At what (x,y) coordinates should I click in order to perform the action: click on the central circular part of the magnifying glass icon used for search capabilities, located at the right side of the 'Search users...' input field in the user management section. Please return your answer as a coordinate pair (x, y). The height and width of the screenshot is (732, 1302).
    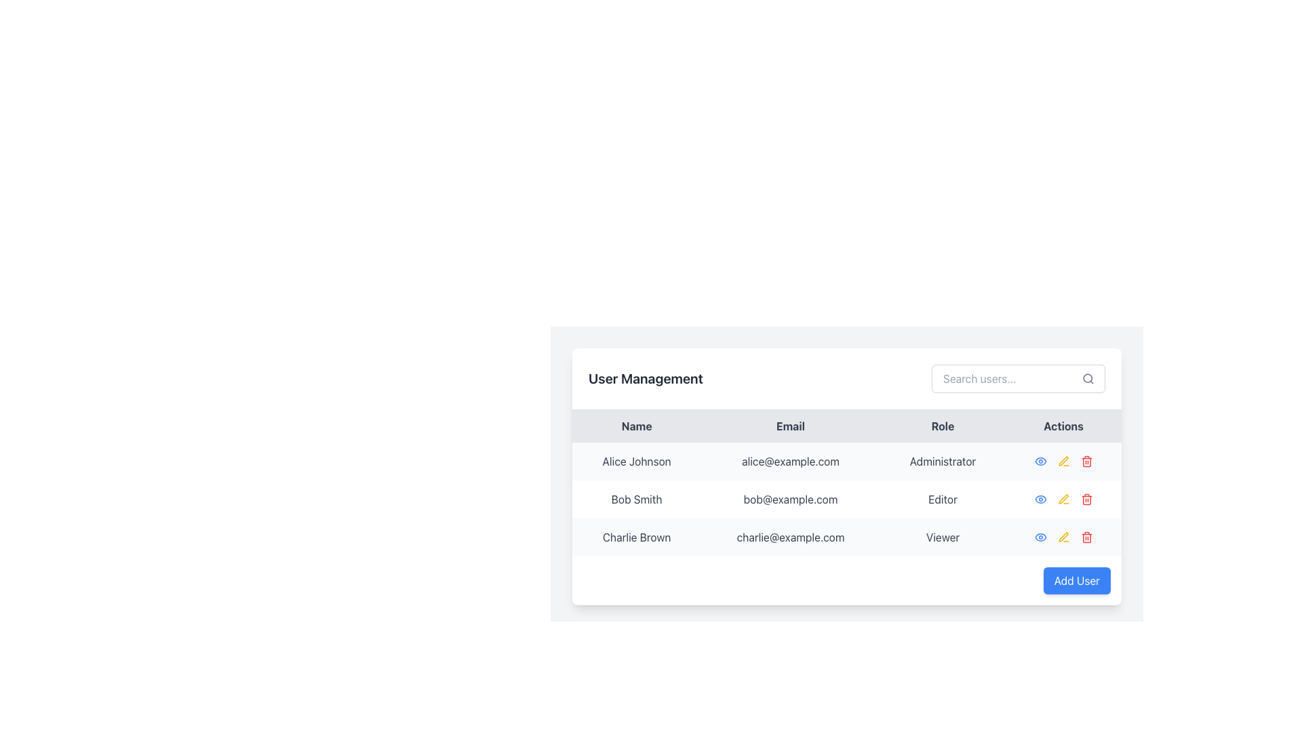
    Looking at the image, I should click on (1088, 378).